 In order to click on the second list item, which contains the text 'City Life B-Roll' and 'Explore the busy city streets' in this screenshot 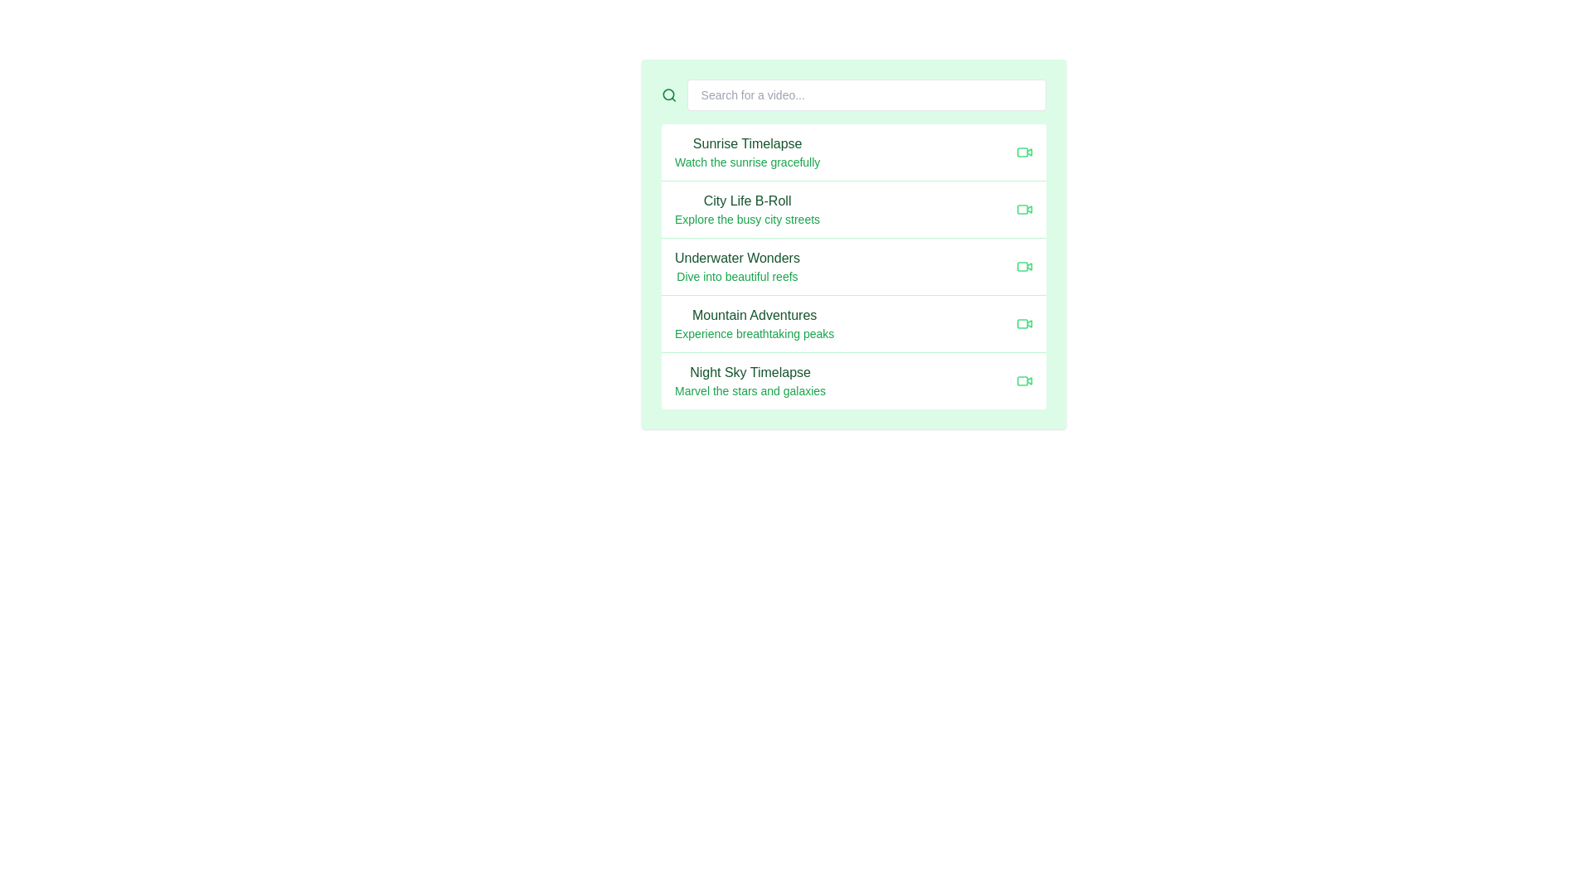, I will do `click(746, 209)`.